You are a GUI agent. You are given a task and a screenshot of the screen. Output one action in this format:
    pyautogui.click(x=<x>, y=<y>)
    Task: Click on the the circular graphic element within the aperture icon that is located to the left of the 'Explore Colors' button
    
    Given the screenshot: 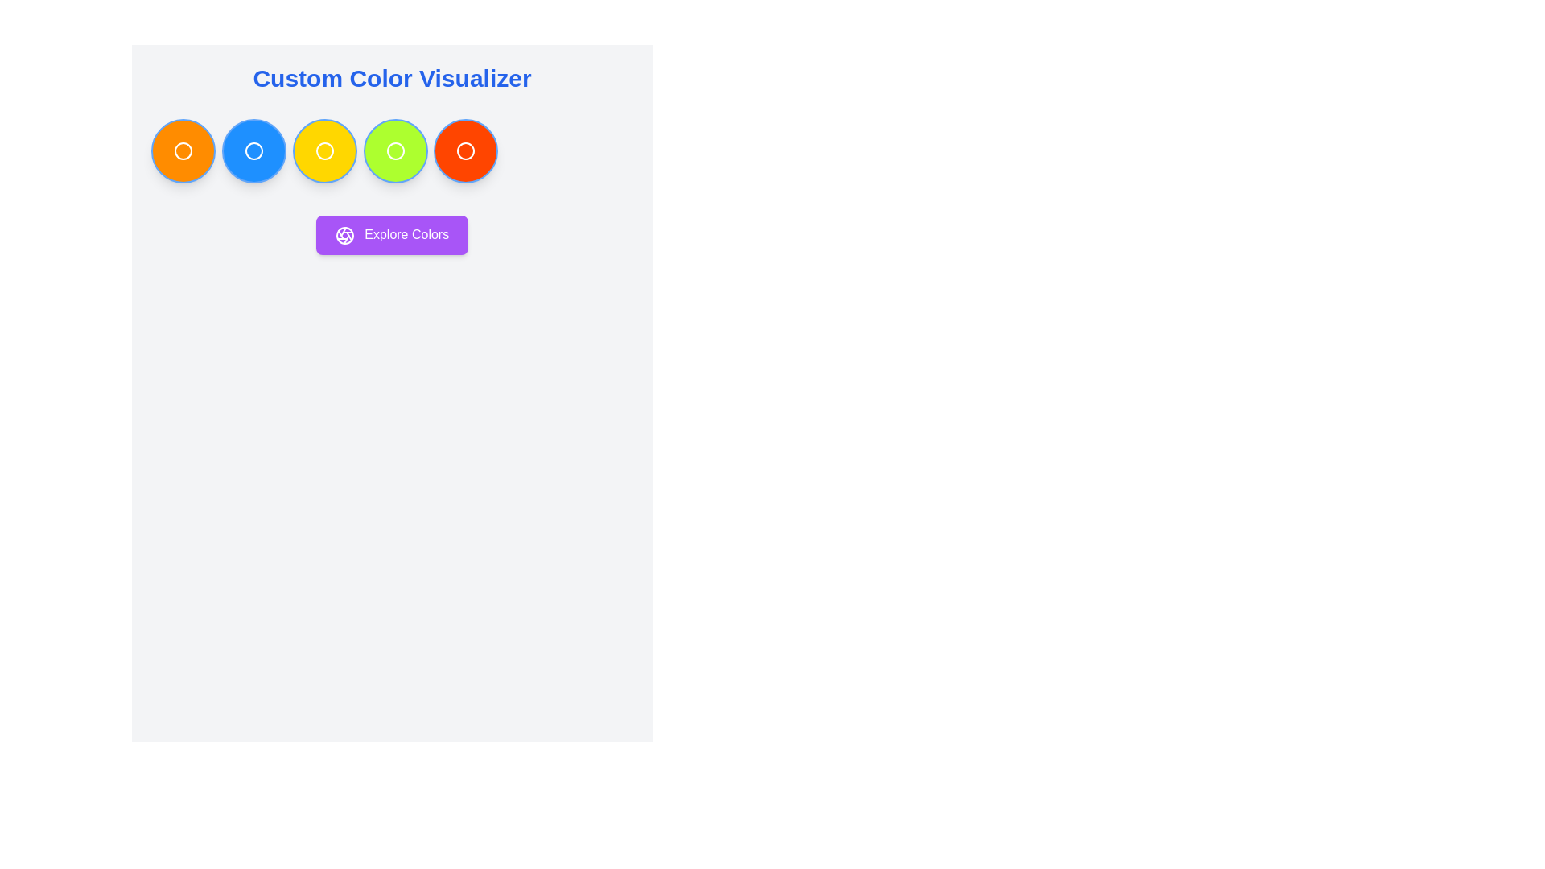 What is the action you would take?
    pyautogui.click(x=344, y=235)
    